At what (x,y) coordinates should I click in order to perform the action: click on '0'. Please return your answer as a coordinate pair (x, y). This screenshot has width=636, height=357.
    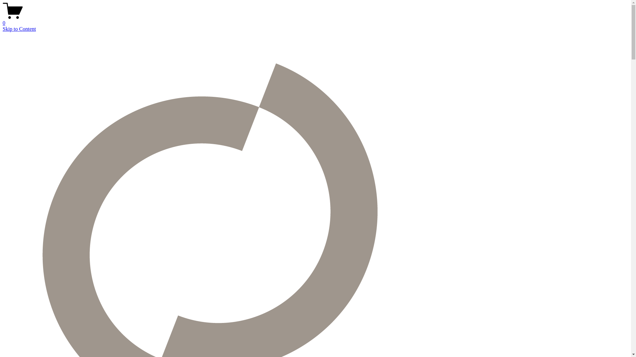
    Looking at the image, I should click on (315, 20).